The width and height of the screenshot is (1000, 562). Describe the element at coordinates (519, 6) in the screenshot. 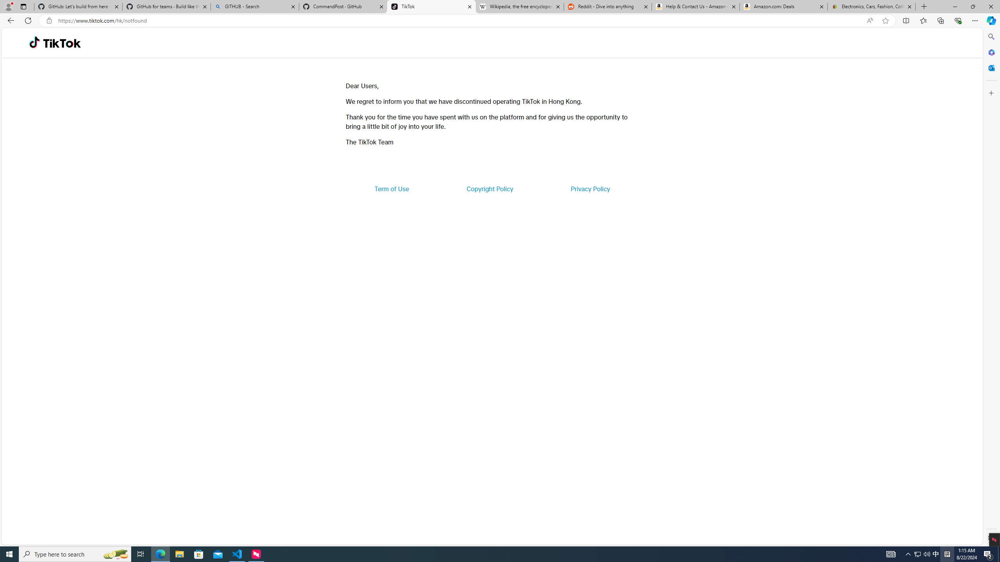

I see `'Wikipedia, the free encyclopedia'` at that location.